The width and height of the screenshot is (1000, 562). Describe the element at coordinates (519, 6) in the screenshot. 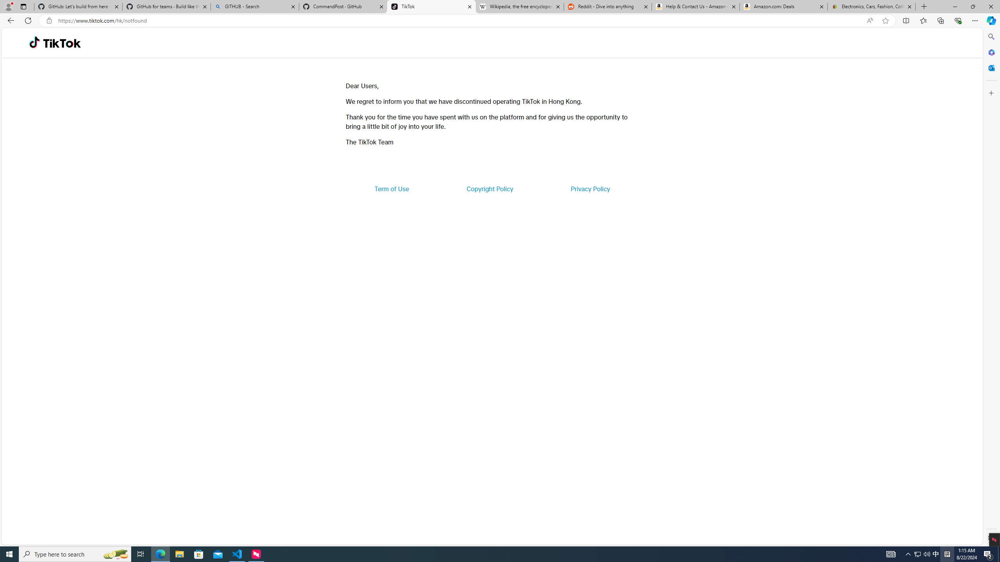

I see `'Wikipedia, the free encyclopedia'` at that location.